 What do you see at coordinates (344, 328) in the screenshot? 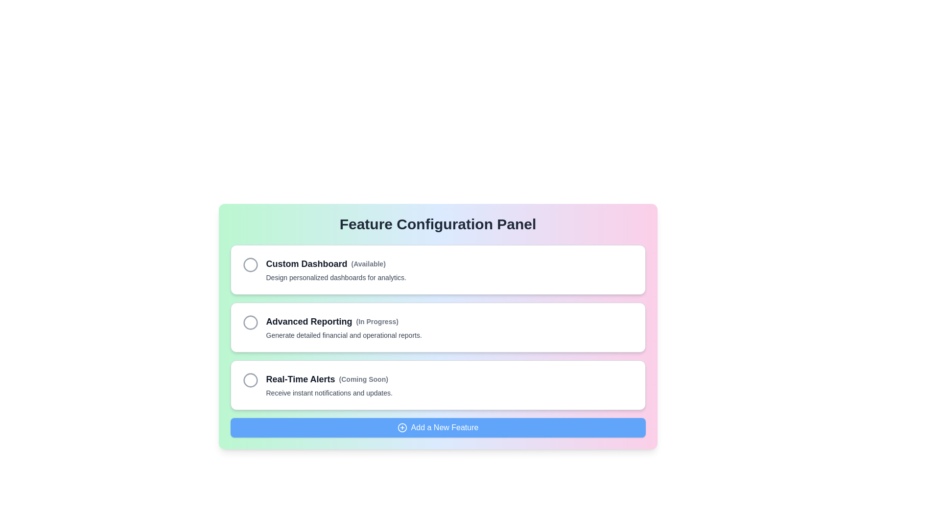
I see `the 'Advanced Reporting' informational card, which is the second card in the vertical list of selectable options within the 'Feature Configuration Panel'` at bounding box center [344, 328].